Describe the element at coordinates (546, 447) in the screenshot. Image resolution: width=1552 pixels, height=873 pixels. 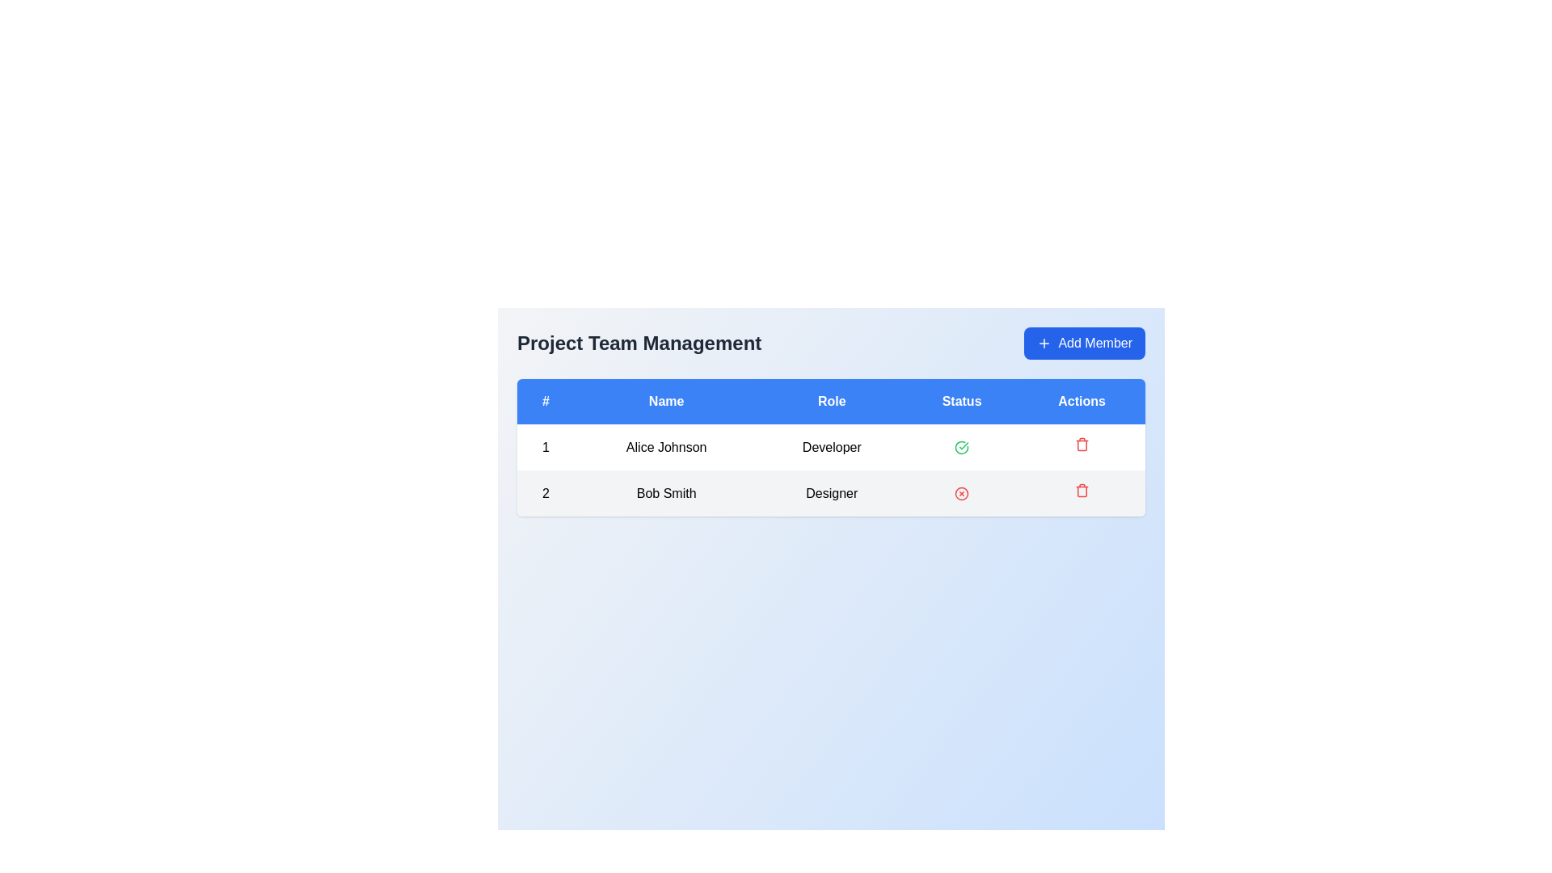
I see `displayed text from the text label in the first row of the table, which serves as an identifier for the row labeled '#'` at that location.